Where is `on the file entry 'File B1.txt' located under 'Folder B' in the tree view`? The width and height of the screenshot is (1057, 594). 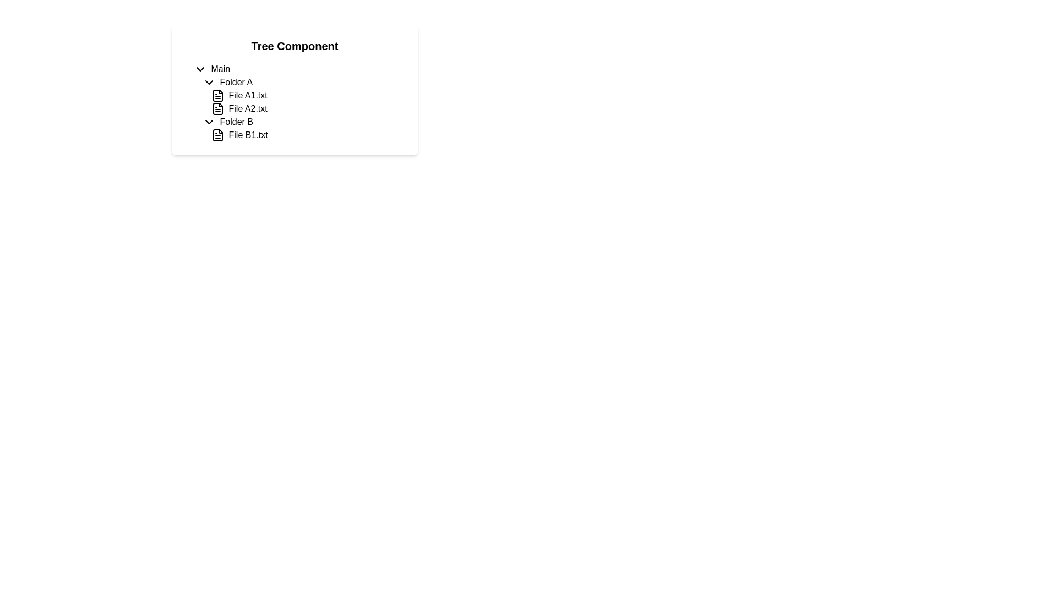 on the file entry 'File B1.txt' located under 'Folder B' in the tree view is located at coordinates (303, 135).